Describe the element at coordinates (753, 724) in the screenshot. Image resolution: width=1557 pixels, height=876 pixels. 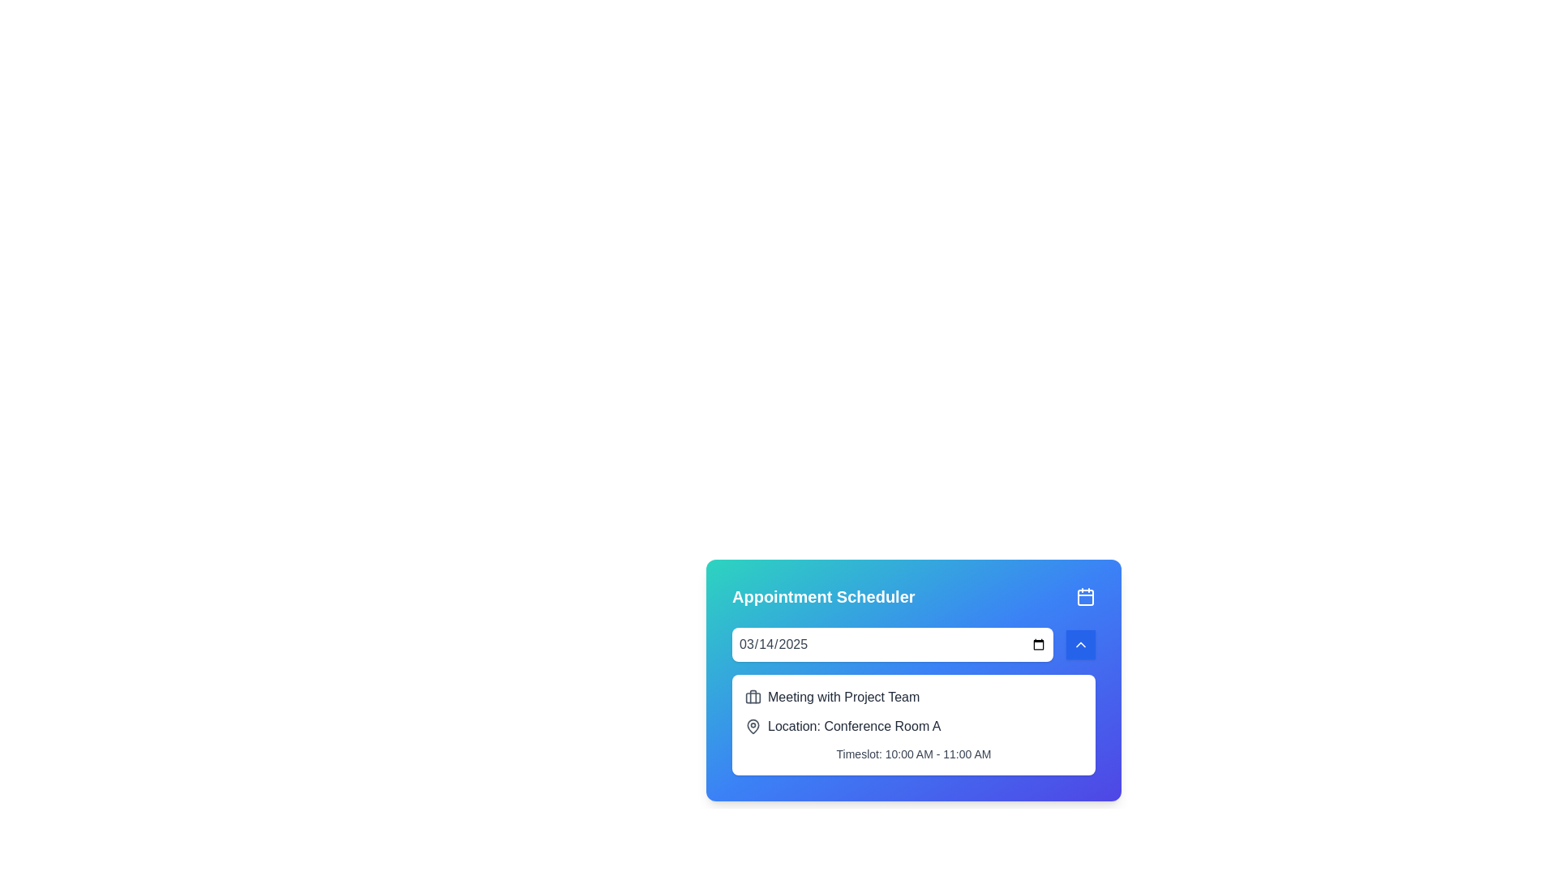
I see `the pin-shaped icon used to denote a geographical location, located to the left of the 'Location: Conference Room A' text` at that location.